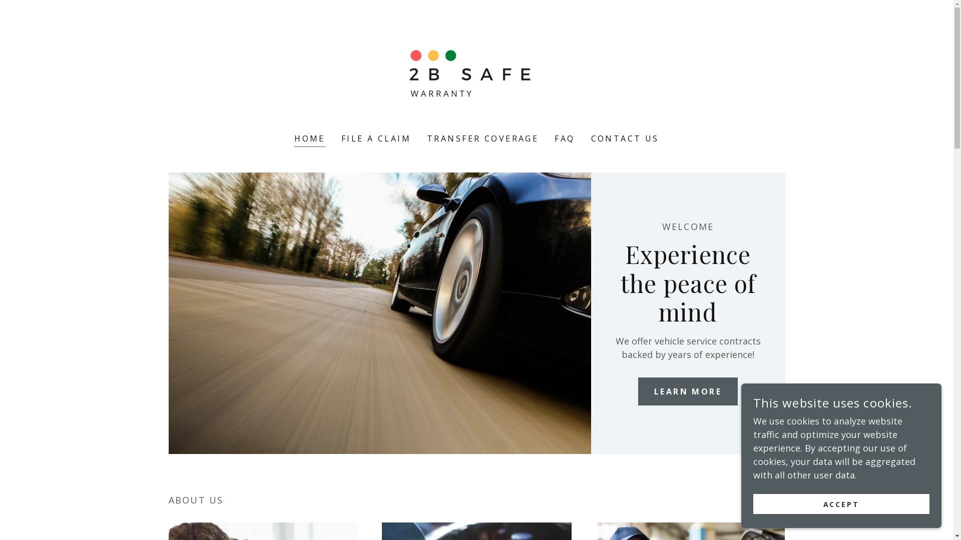 The width and height of the screenshot is (961, 540). I want to click on '2B Safe Warranty', so click(476, 72).